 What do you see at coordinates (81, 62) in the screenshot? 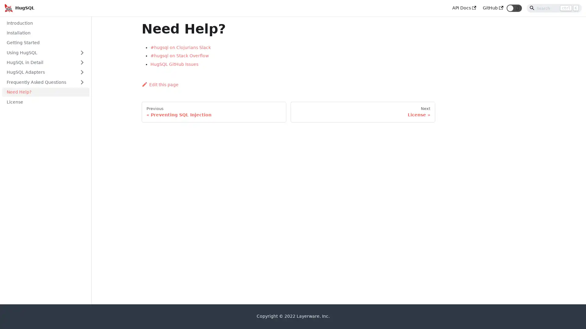
I see `Toggle the collapsible sidebar category 'HugSQL in Detail'` at bounding box center [81, 62].